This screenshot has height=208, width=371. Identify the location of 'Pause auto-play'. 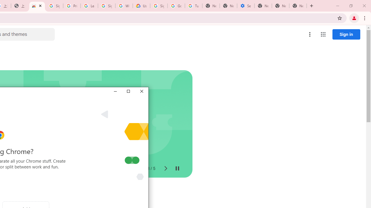
(177, 168).